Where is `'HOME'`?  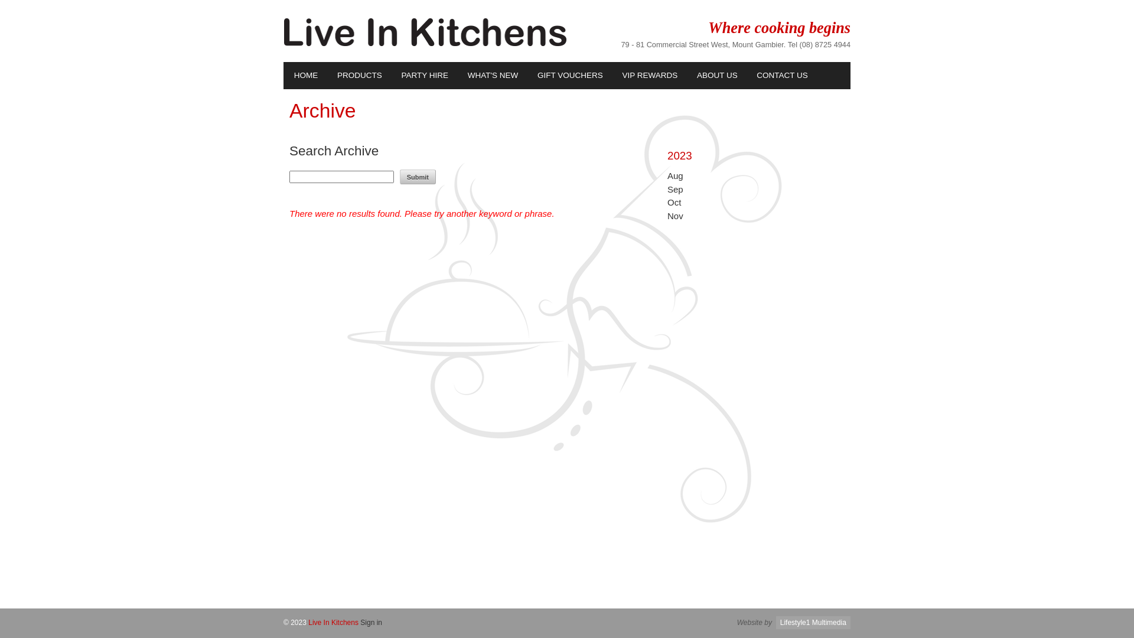 'HOME' is located at coordinates (283, 76).